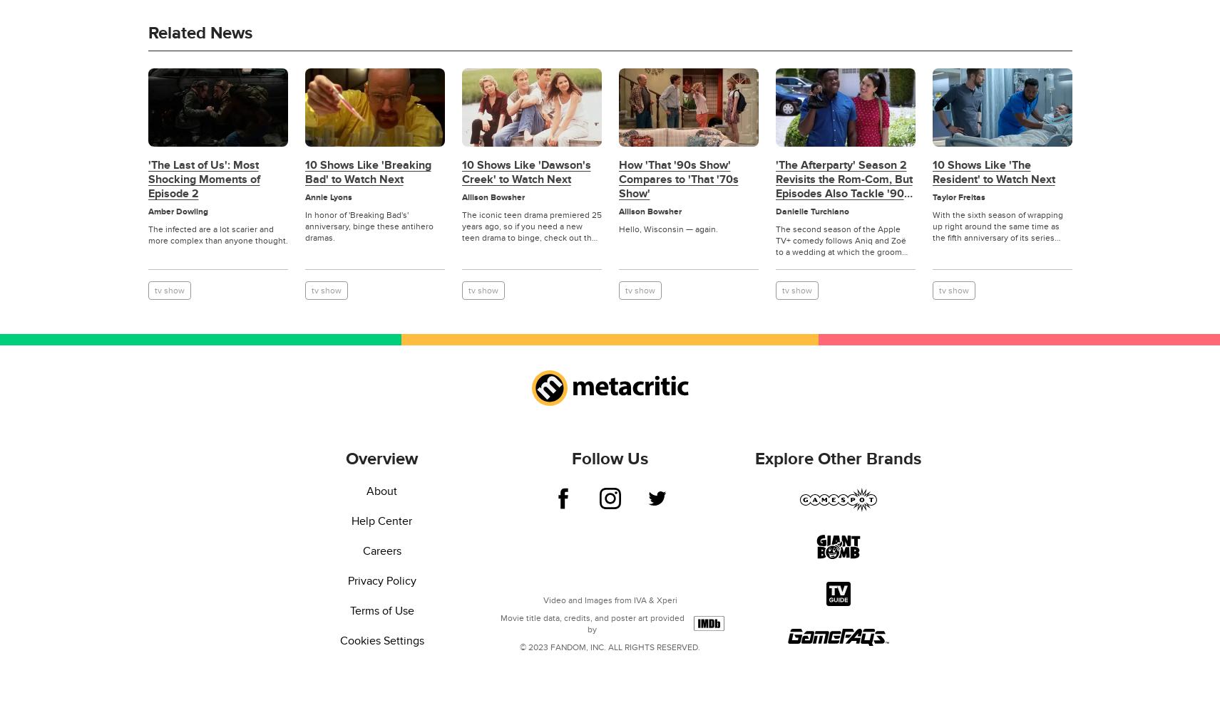 The width and height of the screenshot is (1220, 710). I want to click on 'The second season of the Apple TV+ comedy follows Aniq and Zoë to a wedding at which the groom gets killed, setting up another whodunnit.', so click(839, 251).